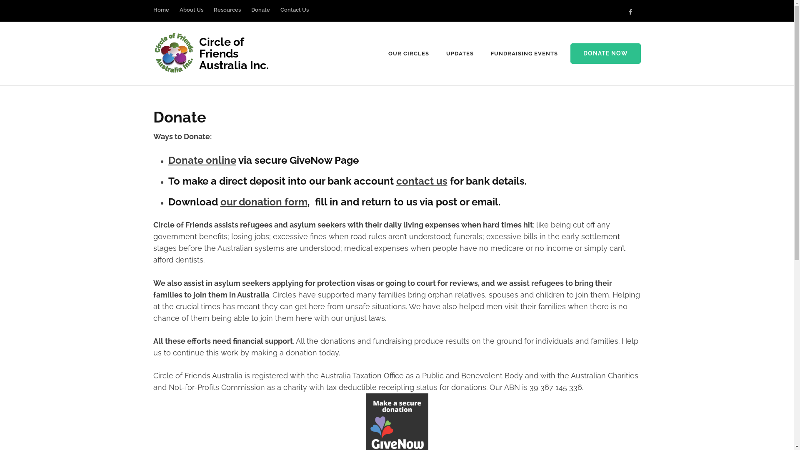 Image resolution: width=800 pixels, height=450 pixels. I want to click on 'contact us', so click(421, 180).